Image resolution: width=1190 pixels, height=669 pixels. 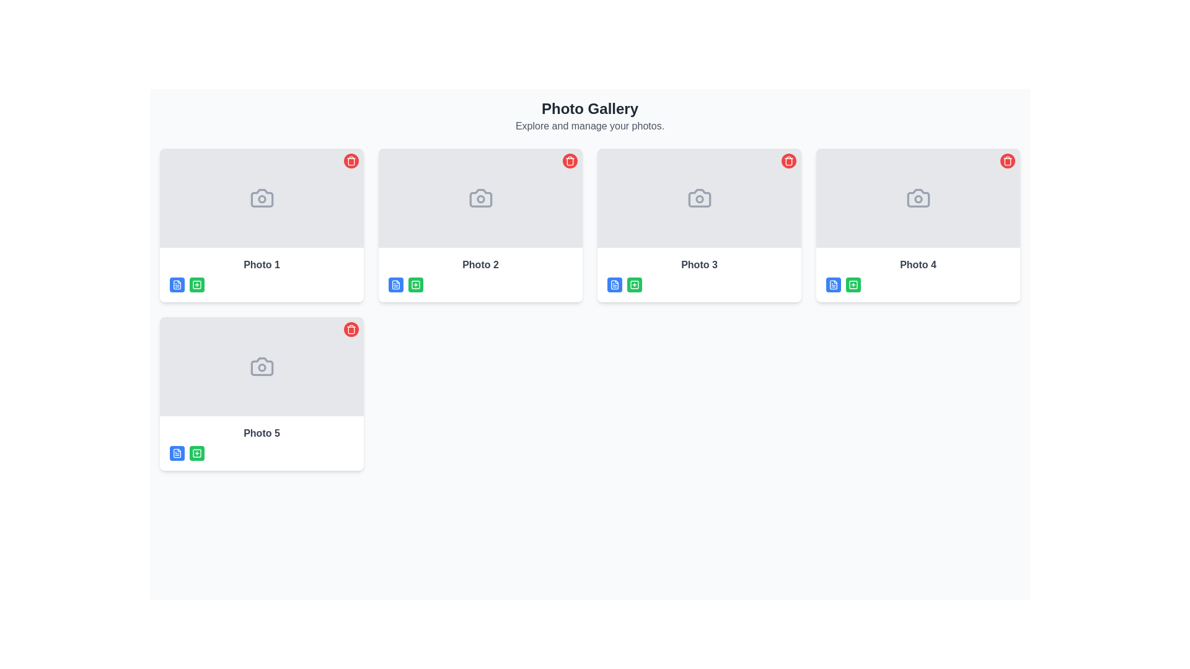 I want to click on the center of the '+' icon represented by the vector graphic component within the SVG structure, which forms the base of the '+' shape, so click(x=196, y=284).